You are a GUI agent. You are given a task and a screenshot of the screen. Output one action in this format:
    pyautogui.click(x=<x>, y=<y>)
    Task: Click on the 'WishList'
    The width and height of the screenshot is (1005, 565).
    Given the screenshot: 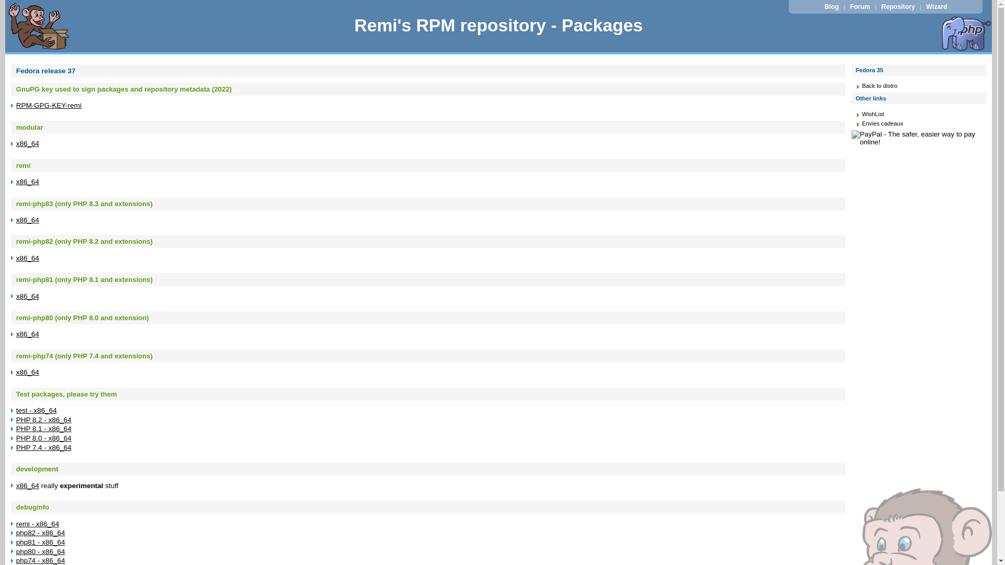 What is the action you would take?
    pyautogui.click(x=862, y=114)
    